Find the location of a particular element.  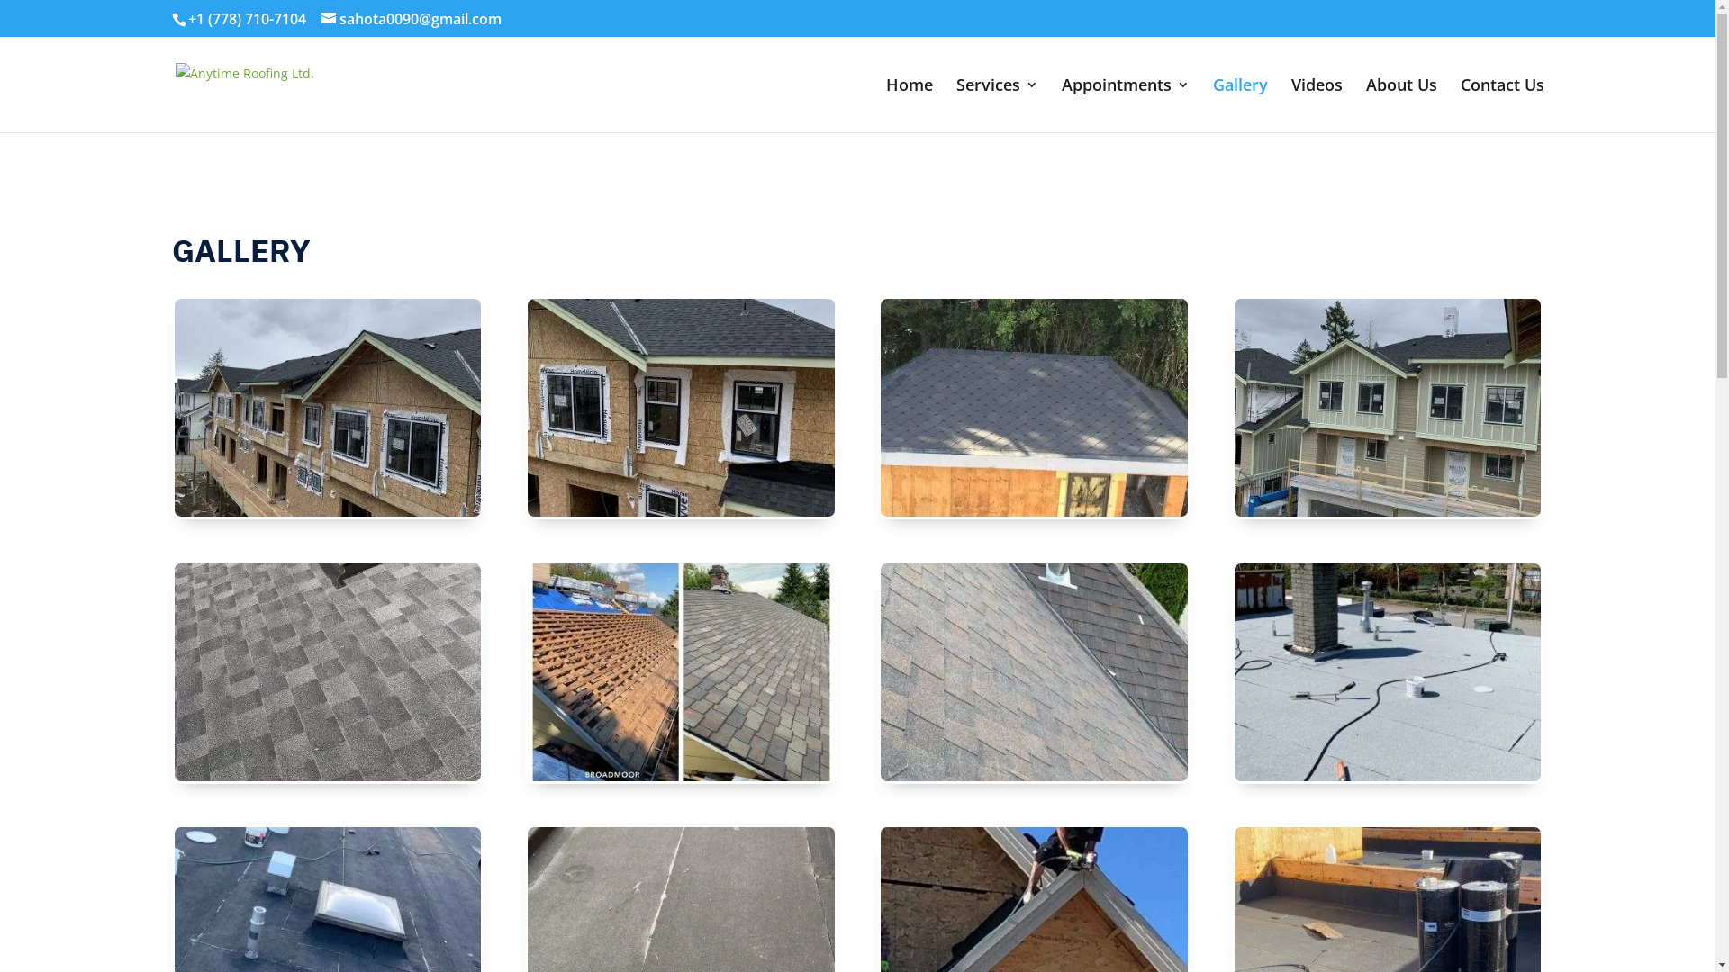

'Appointments' is located at coordinates (1123, 104).